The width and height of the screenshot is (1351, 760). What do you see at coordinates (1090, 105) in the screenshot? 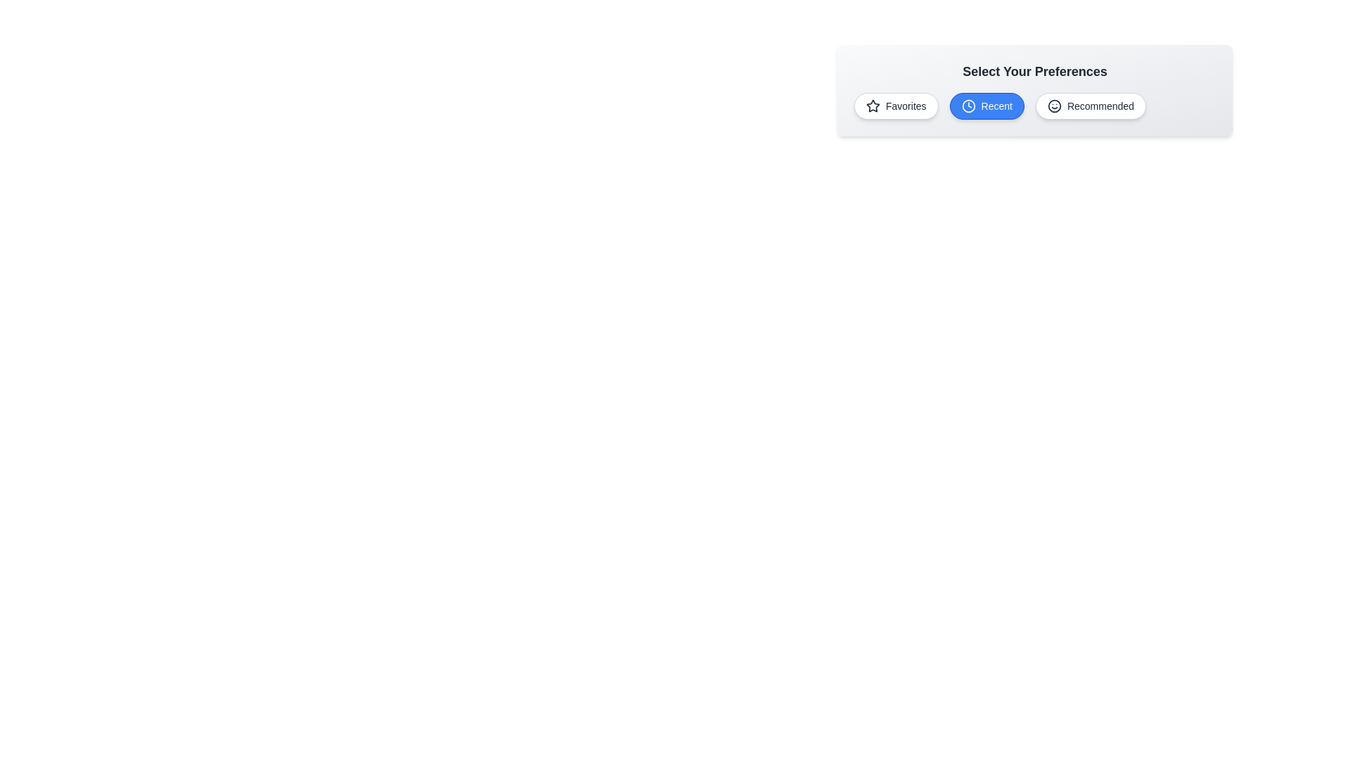
I see `the chip labeled Recommended to observe its hover effect` at bounding box center [1090, 105].